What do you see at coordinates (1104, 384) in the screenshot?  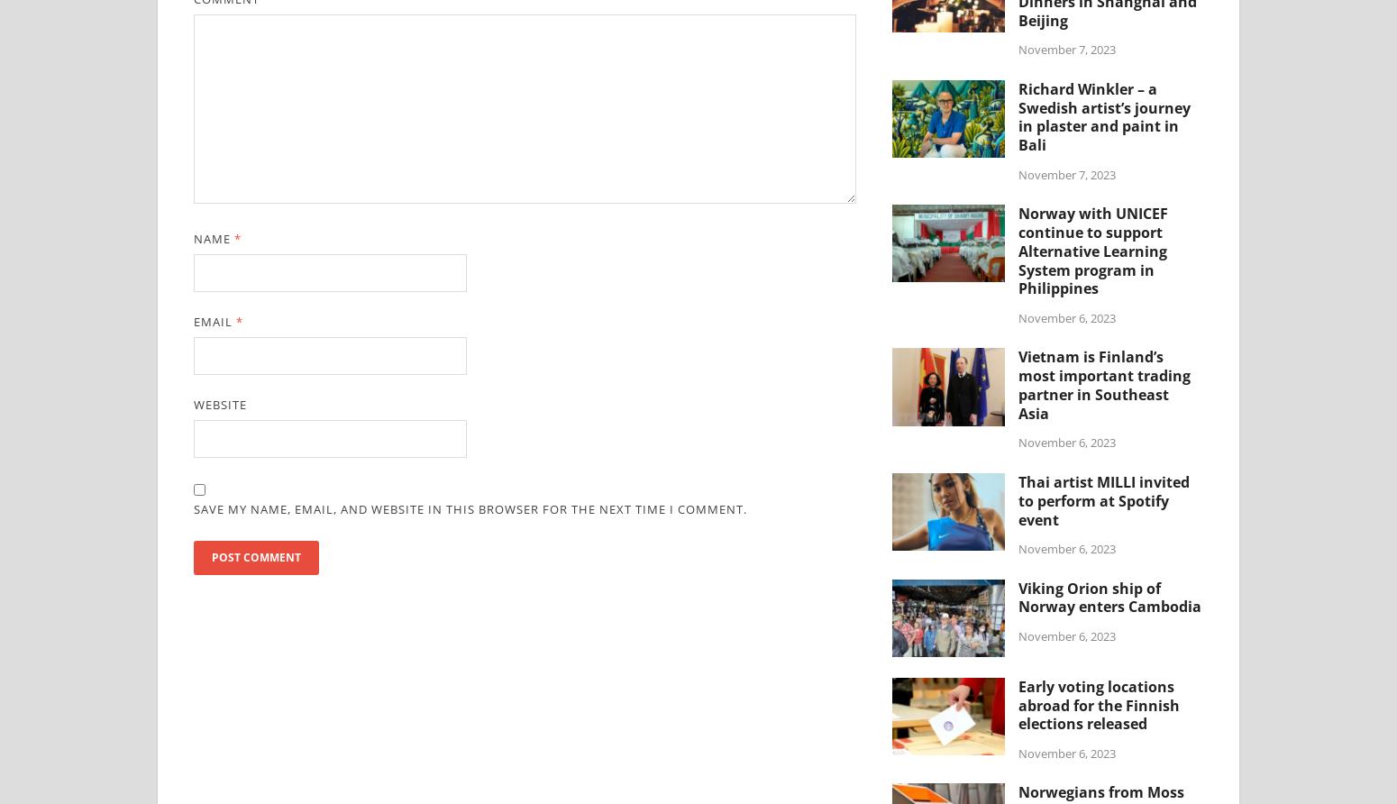 I see `'Vietnam is Finland’s most important trading partner in Southeast Asia'` at bounding box center [1104, 384].